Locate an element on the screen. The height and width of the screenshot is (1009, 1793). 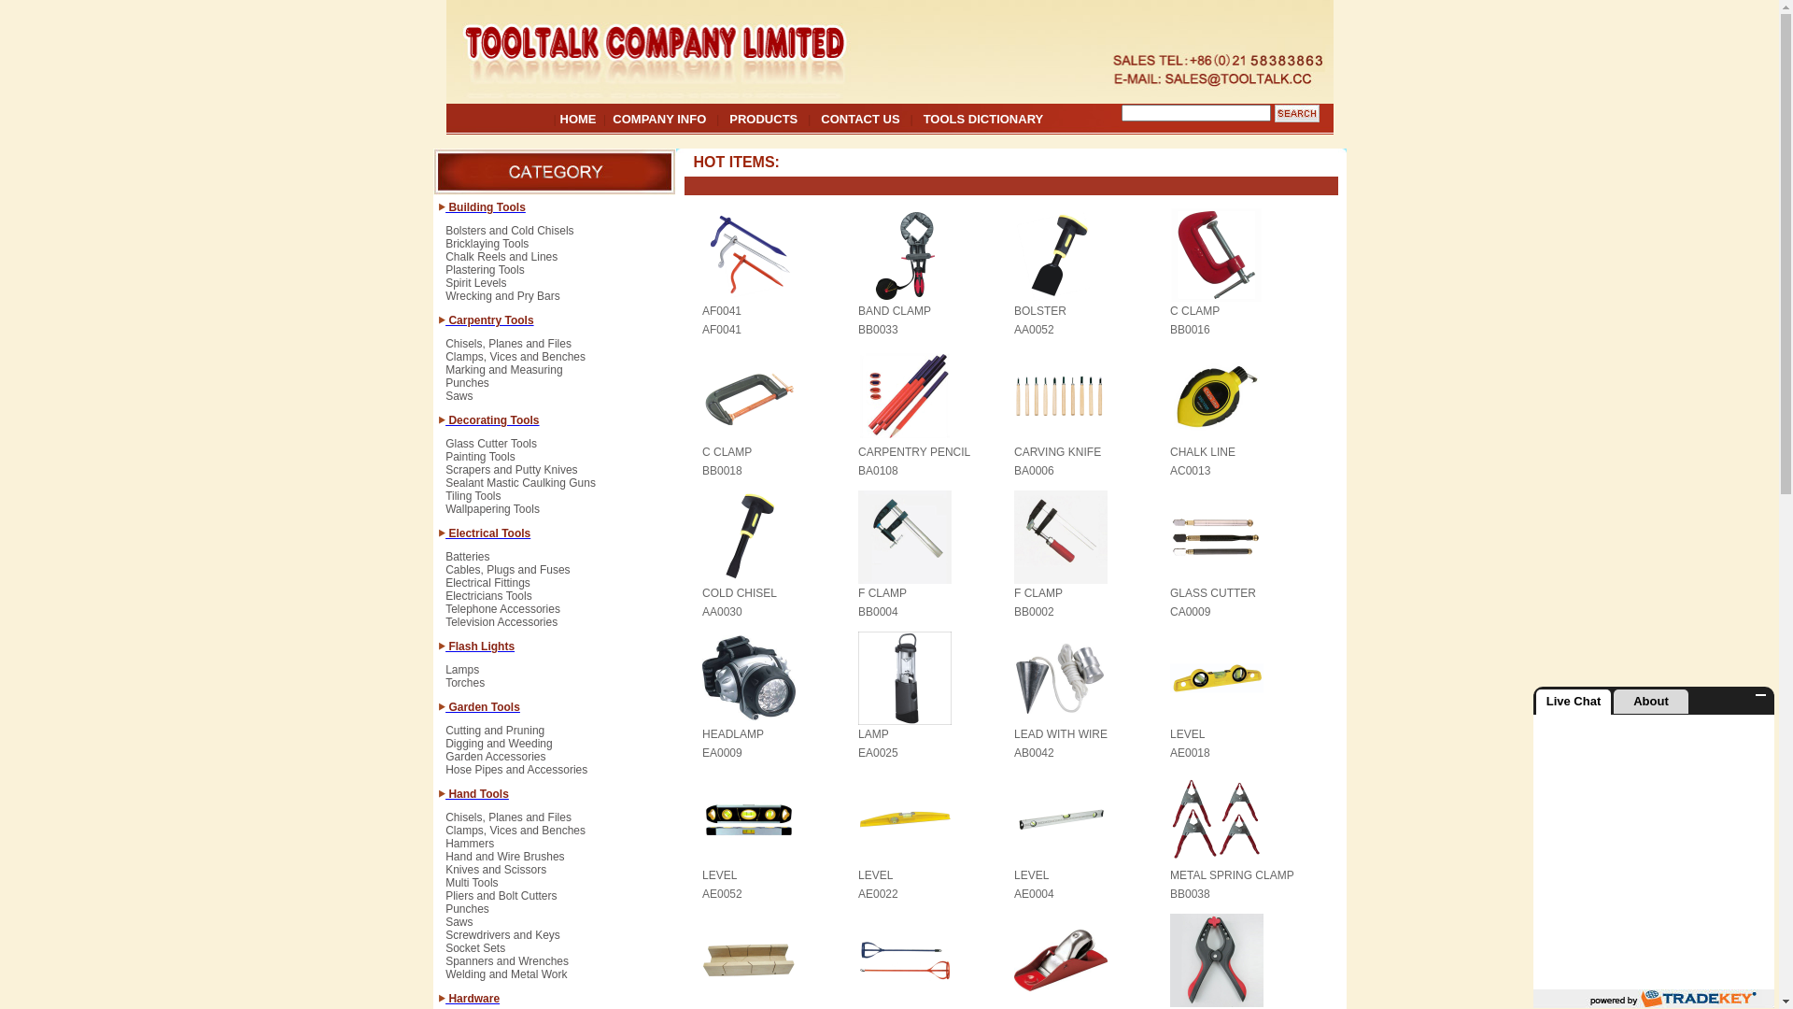
'Spanners and Wrenches' is located at coordinates (506, 967).